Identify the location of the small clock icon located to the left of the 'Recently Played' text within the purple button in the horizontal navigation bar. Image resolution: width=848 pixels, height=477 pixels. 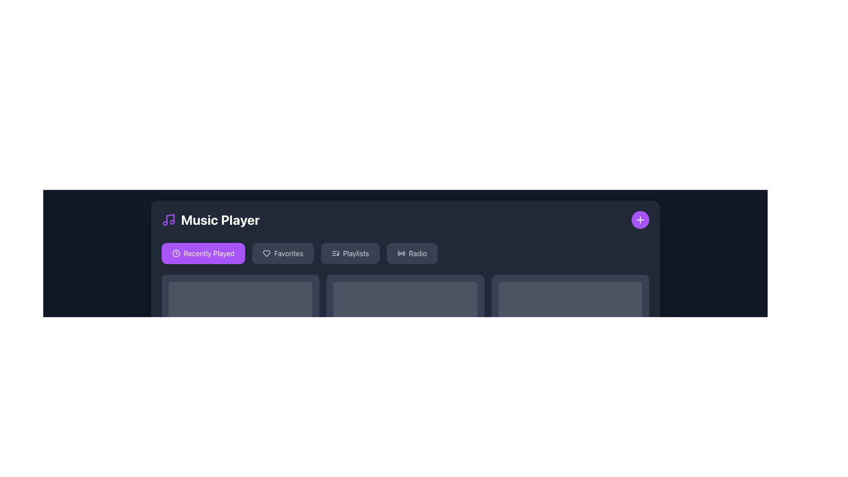
(176, 254).